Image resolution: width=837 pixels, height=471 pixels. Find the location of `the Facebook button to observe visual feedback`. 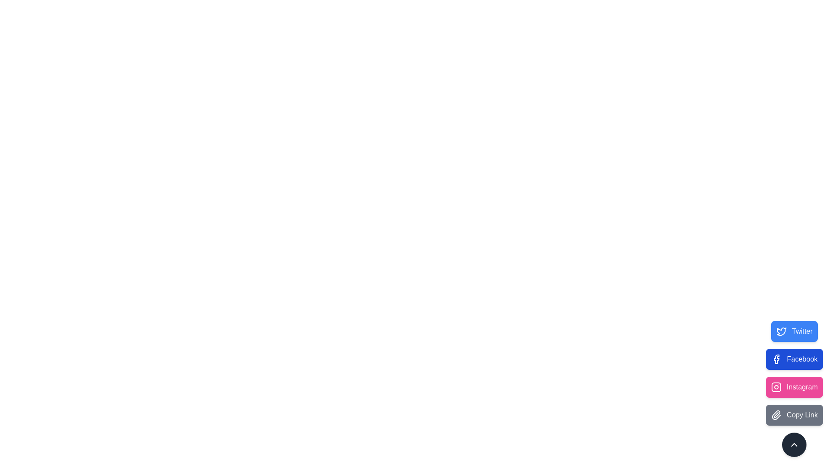

the Facebook button to observe visual feedback is located at coordinates (794, 359).